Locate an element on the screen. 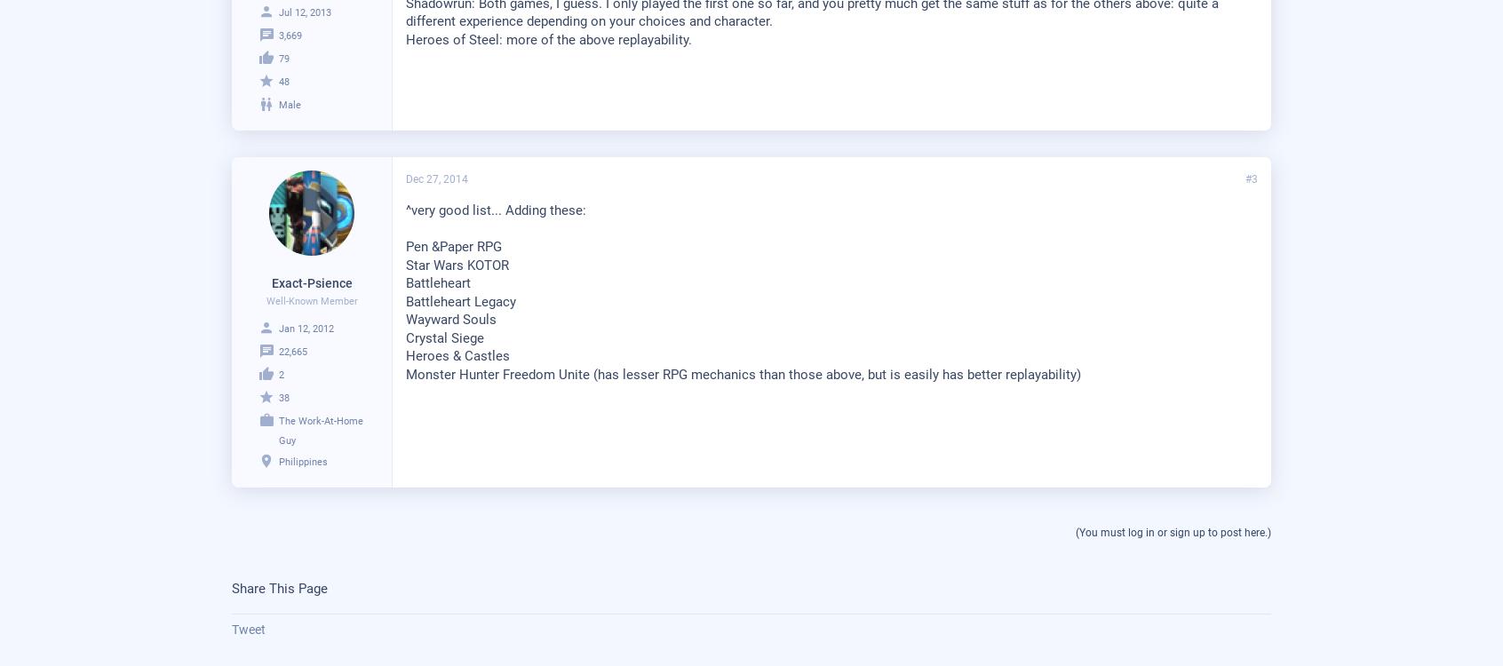 This screenshot has width=1503, height=666. '^very good list... Adding these:' is located at coordinates (405, 209).